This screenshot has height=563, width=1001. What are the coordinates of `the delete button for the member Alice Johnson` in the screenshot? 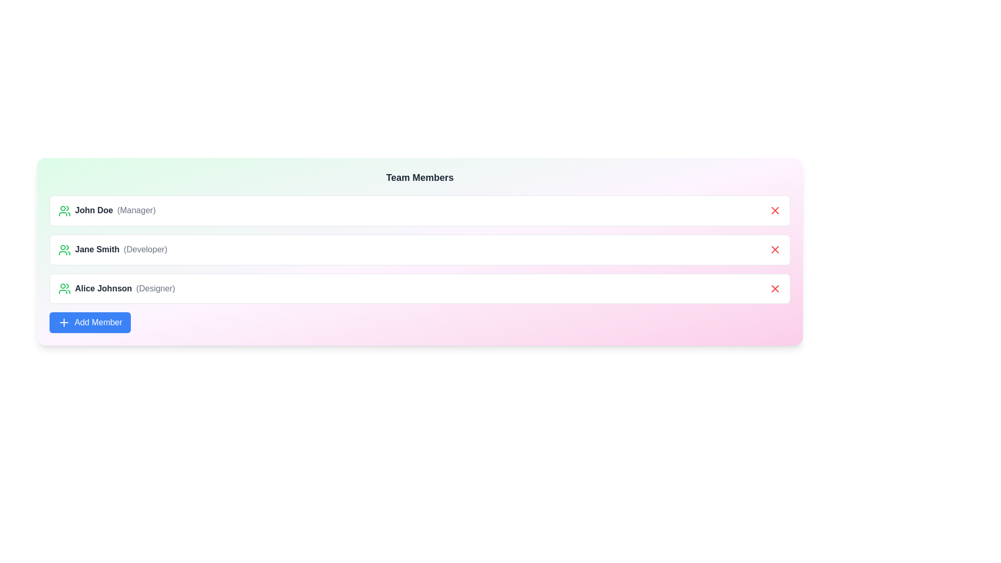 It's located at (775, 288).